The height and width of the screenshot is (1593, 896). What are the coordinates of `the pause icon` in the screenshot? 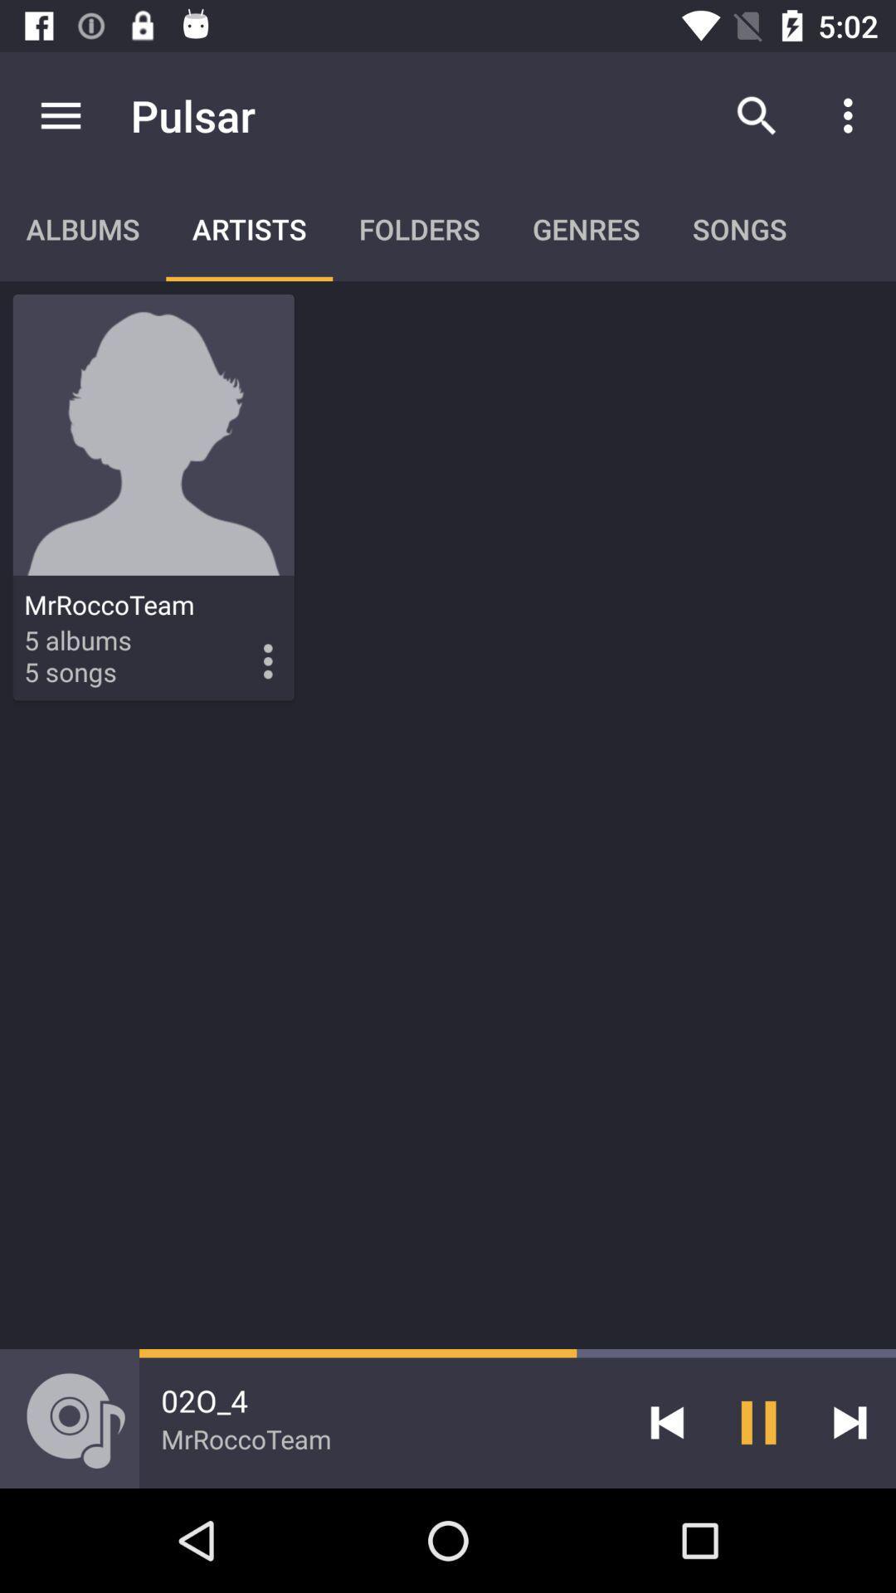 It's located at (758, 1421).